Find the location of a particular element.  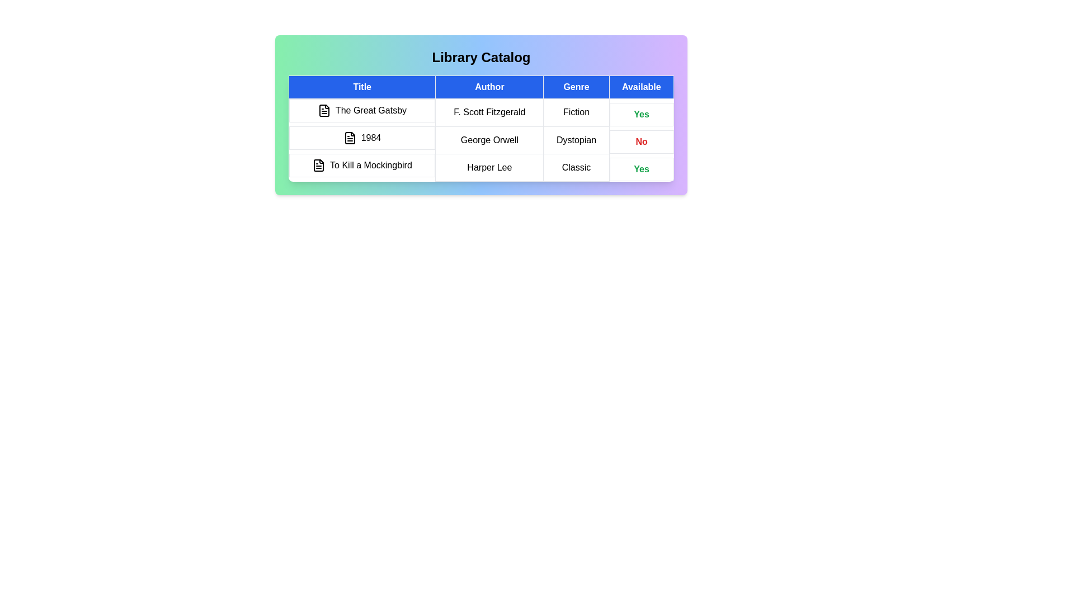

the book title To Kill a Mockingbird to interact with it is located at coordinates (362, 166).